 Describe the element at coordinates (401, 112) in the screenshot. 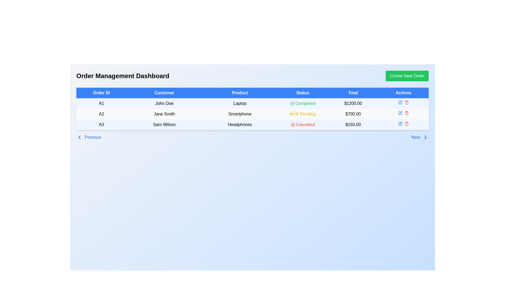

I see `the 'Edit' icon button, which resembles a pen and is located in the 'Actions' column of the row corresponding to Jane Smith's order` at that location.